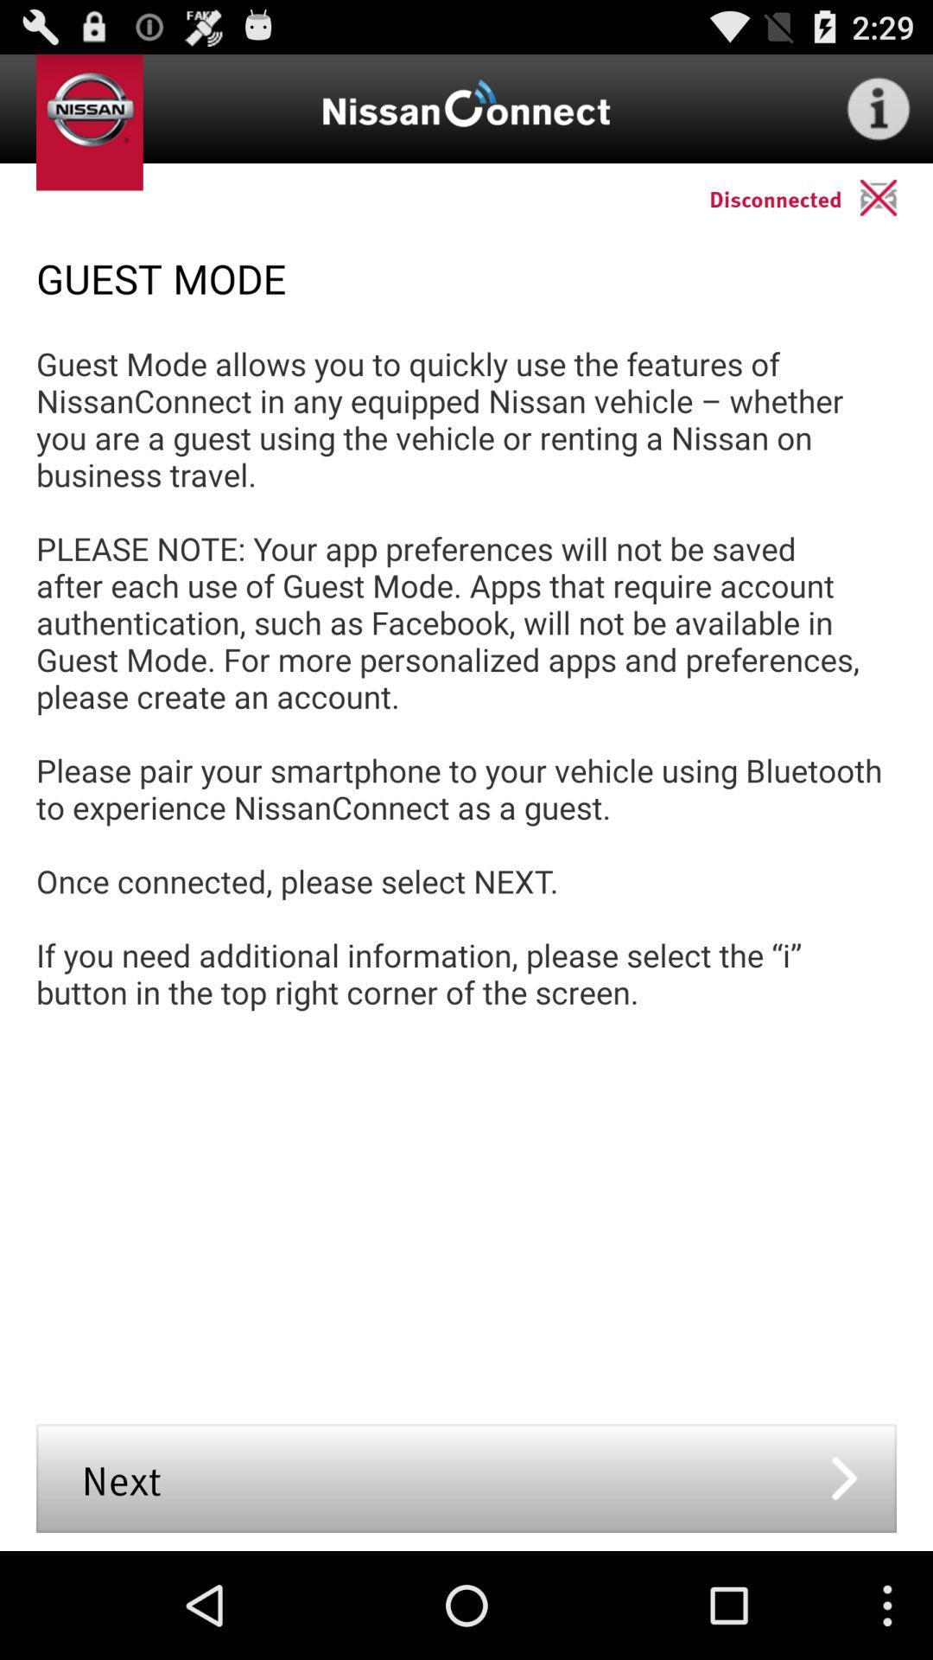 This screenshot has height=1660, width=933. What do you see at coordinates (895, 197) in the screenshot?
I see `the icon to the right of the disconnected` at bounding box center [895, 197].